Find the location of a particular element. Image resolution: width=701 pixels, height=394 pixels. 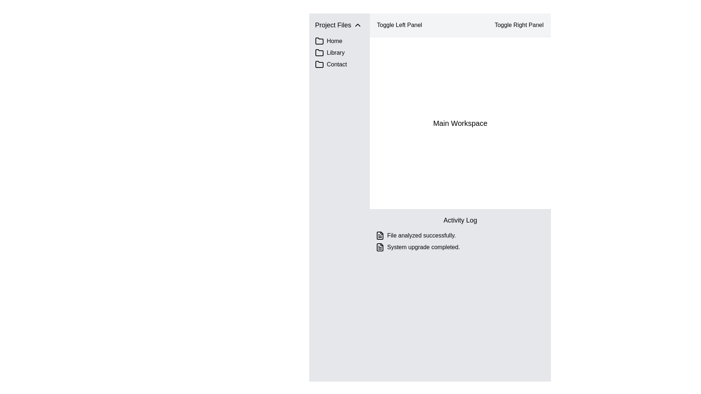

the document or file icon, which is styled in a clean and minimalistic design with a black outline, located to the left of the text 'System upgrade completed' is located at coordinates (380, 247).